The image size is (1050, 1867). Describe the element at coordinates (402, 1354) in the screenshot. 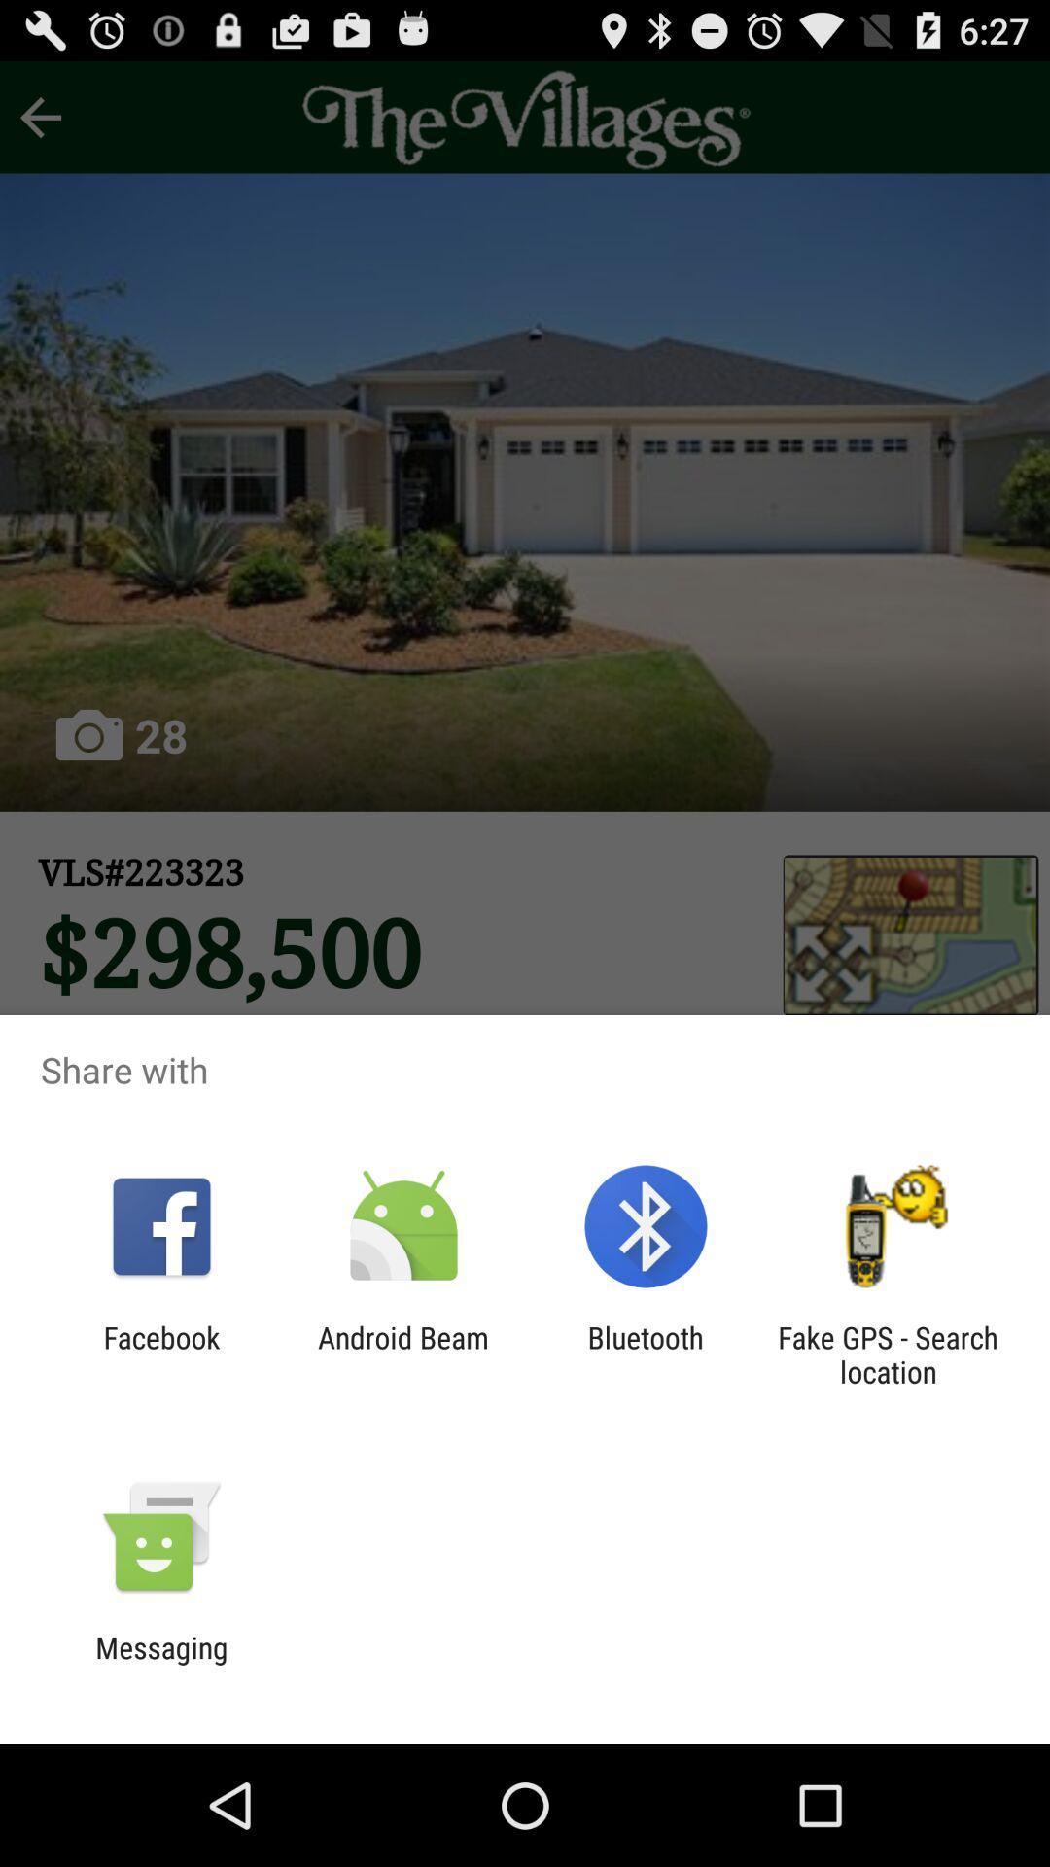

I see `the icon to the left of bluetooth item` at that location.